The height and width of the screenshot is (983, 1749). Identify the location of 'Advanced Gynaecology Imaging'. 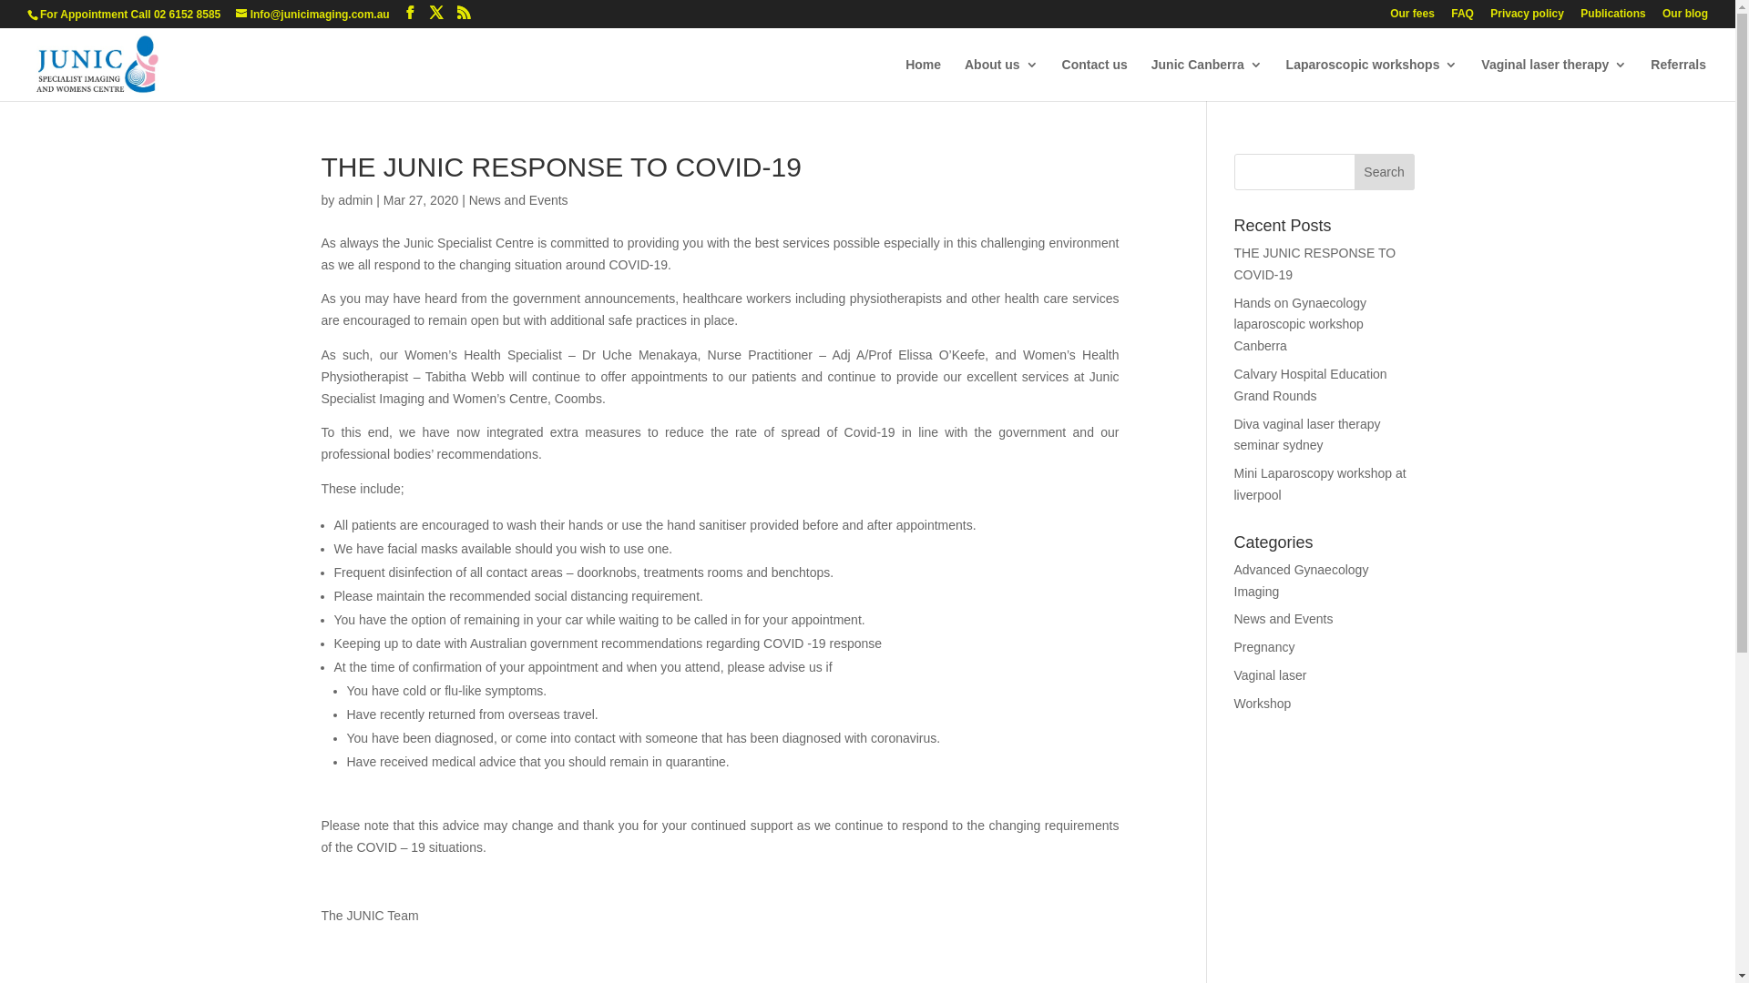
(1300, 580).